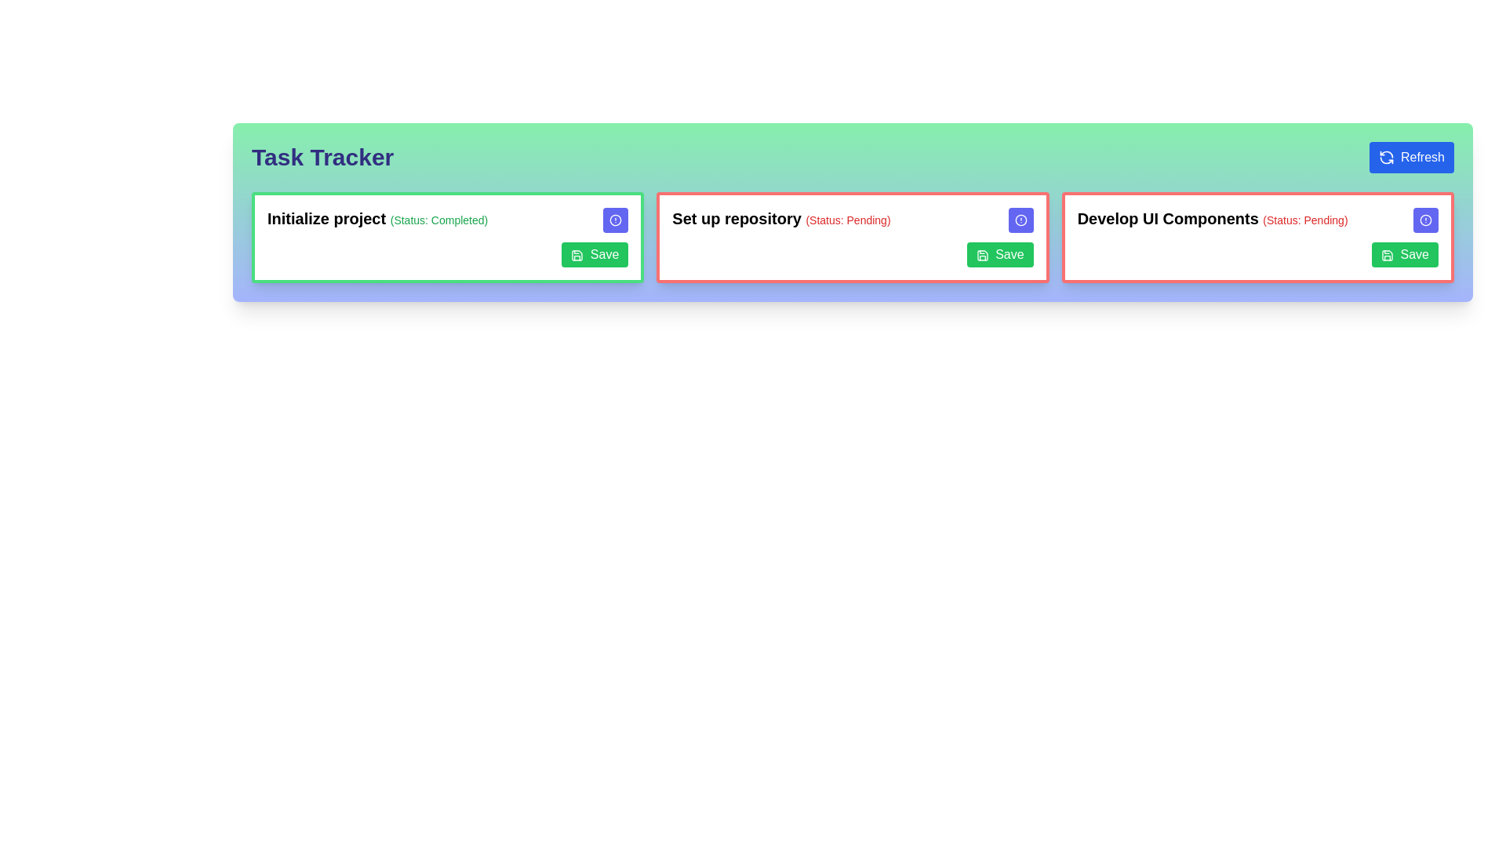  I want to click on the 'Save' button located in the bottom-right corner of the task card labeled 'Develop UI Components', which contains the decorative save icon, so click(1388, 254).